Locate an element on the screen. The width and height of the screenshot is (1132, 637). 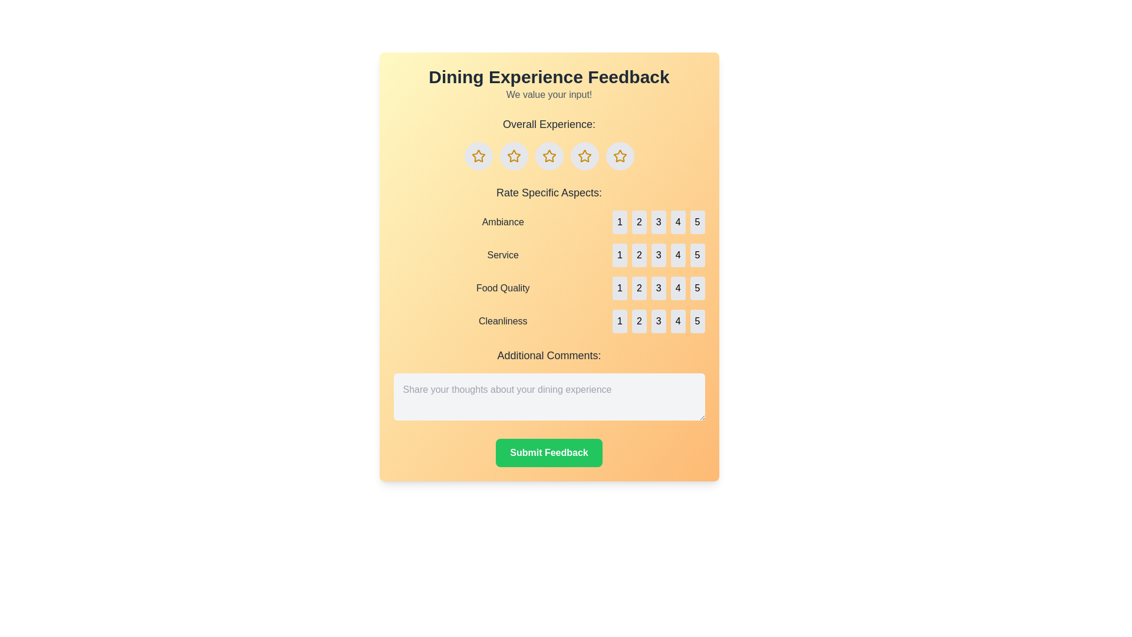
the second star-shaped button in the rating component is located at coordinates (514, 156).